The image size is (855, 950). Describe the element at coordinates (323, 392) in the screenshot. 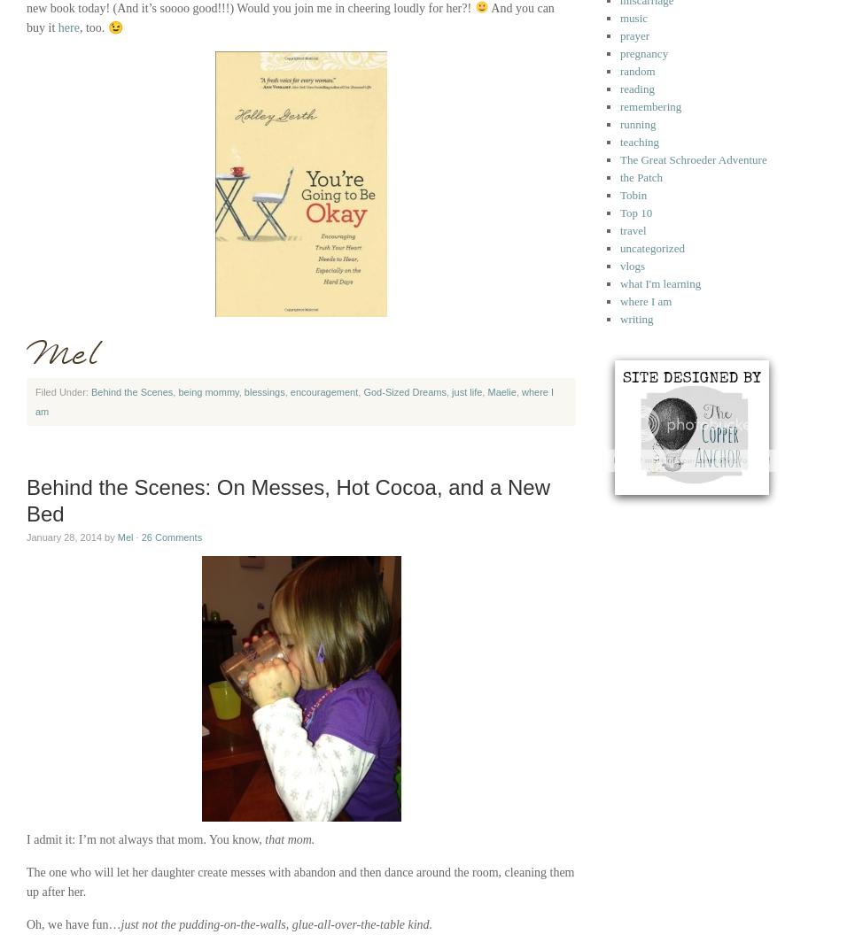

I see `'encouragement'` at that location.